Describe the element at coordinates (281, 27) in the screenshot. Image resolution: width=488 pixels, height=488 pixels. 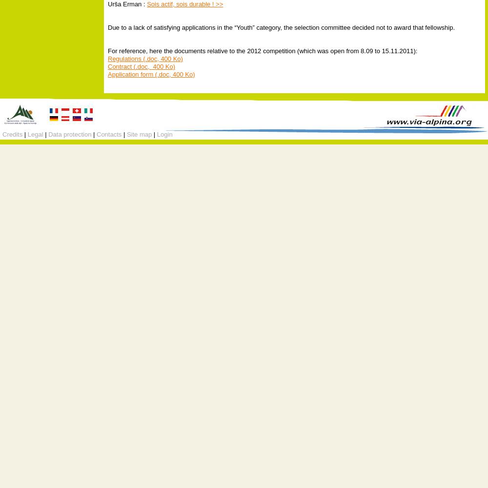
I see `'Due to a lack of satisfying applications in the “Youth” category, the  selection committee decided not to award that fellowship.'` at that location.